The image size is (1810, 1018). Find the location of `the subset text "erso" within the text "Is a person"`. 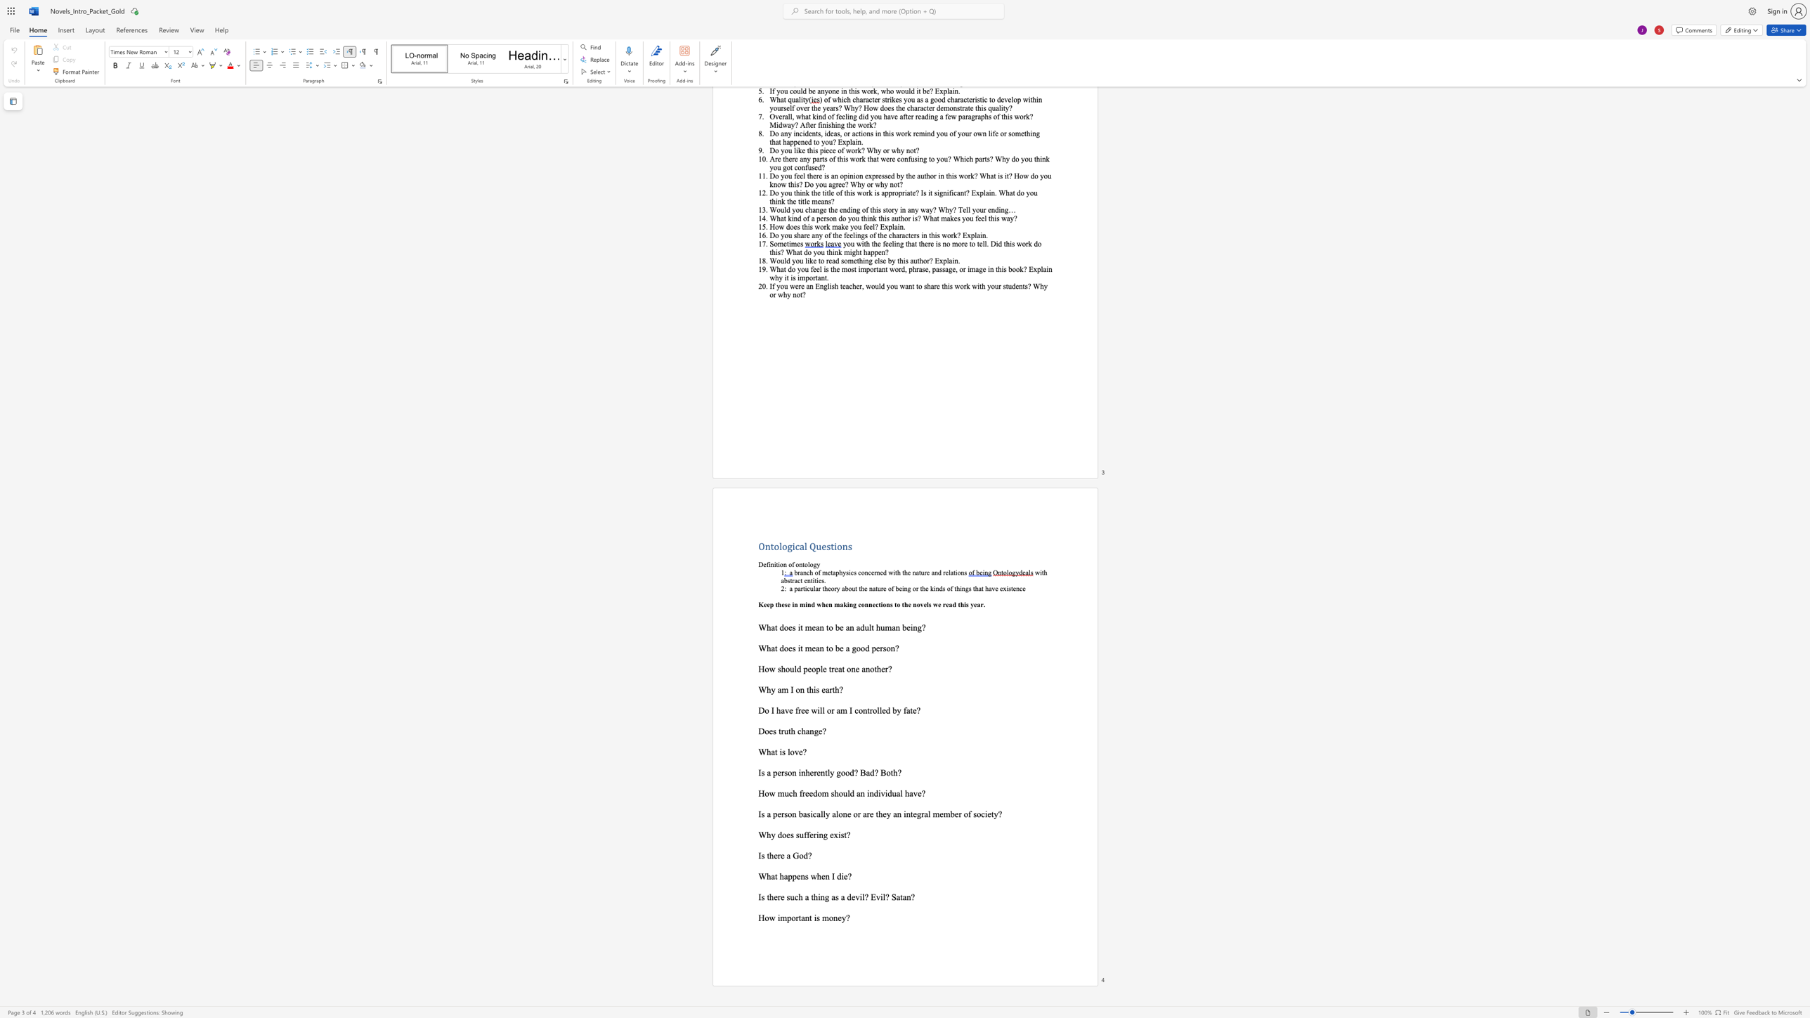

the subset text "erso" within the text "Is a person" is located at coordinates (777, 814).